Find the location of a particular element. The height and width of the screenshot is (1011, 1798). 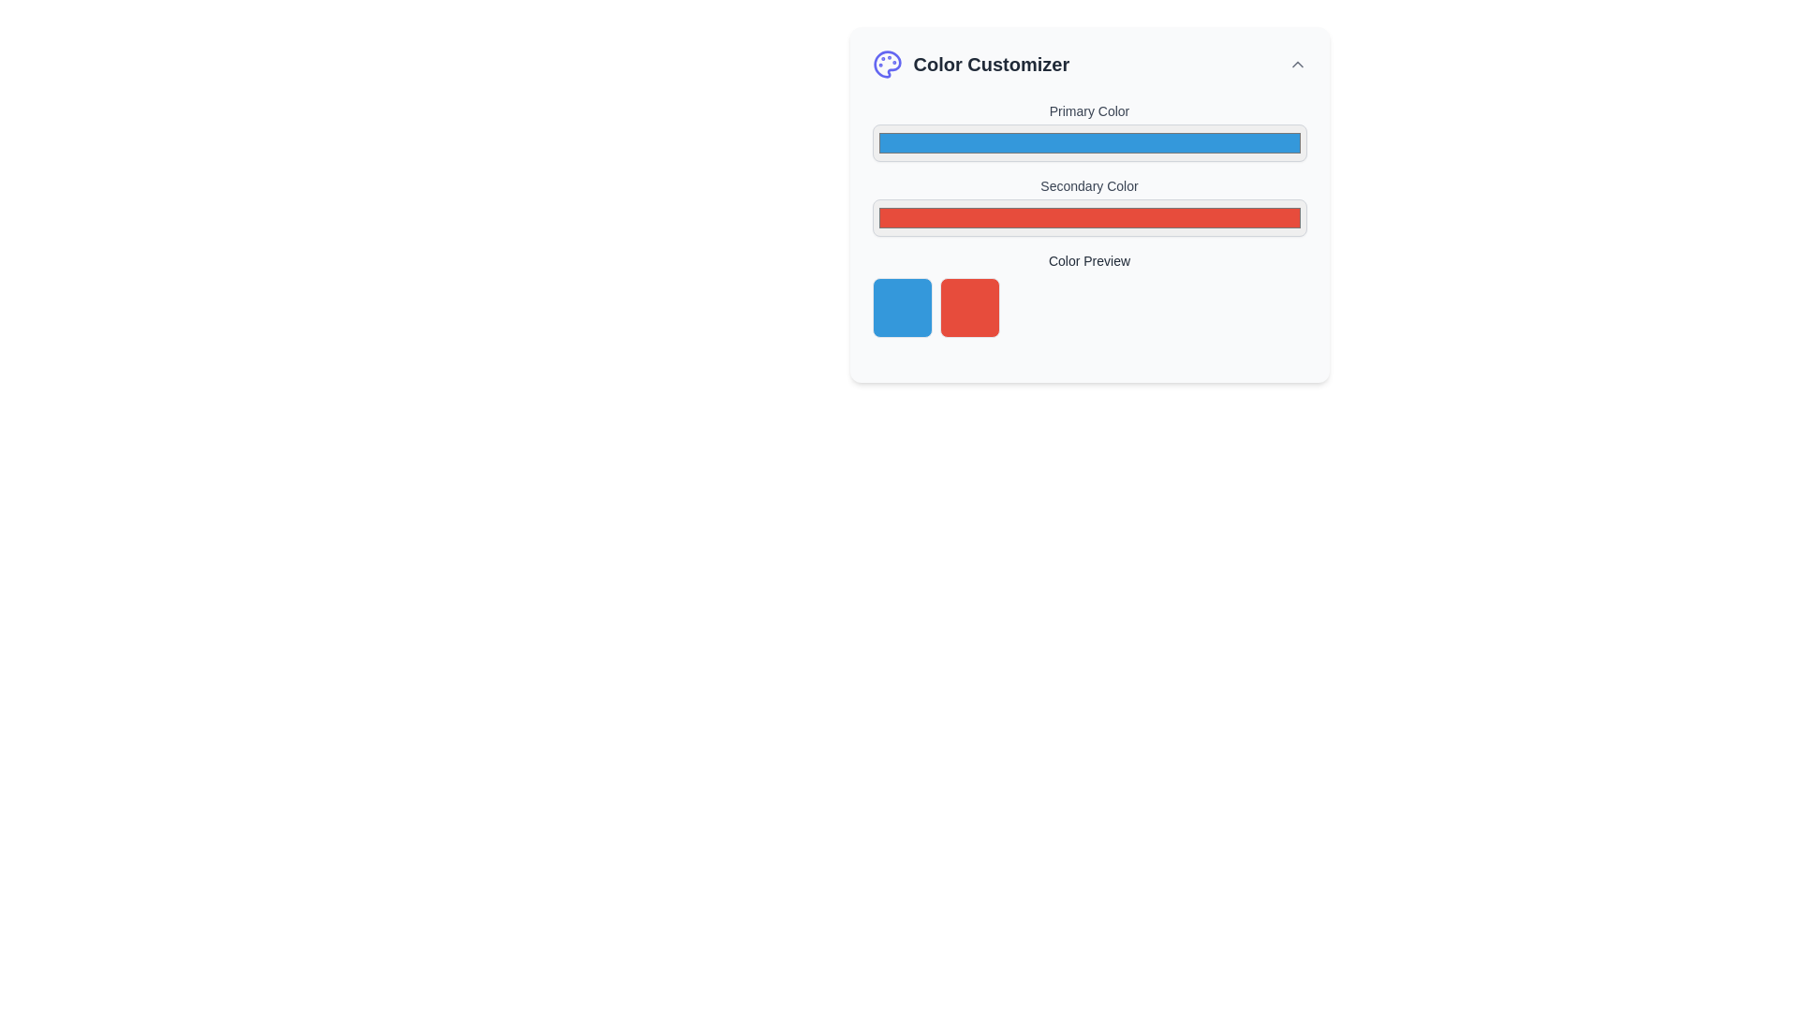

the 'Color Preview' section to interact with the color blocks for selecting colors is located at coordinates (1089, 295).